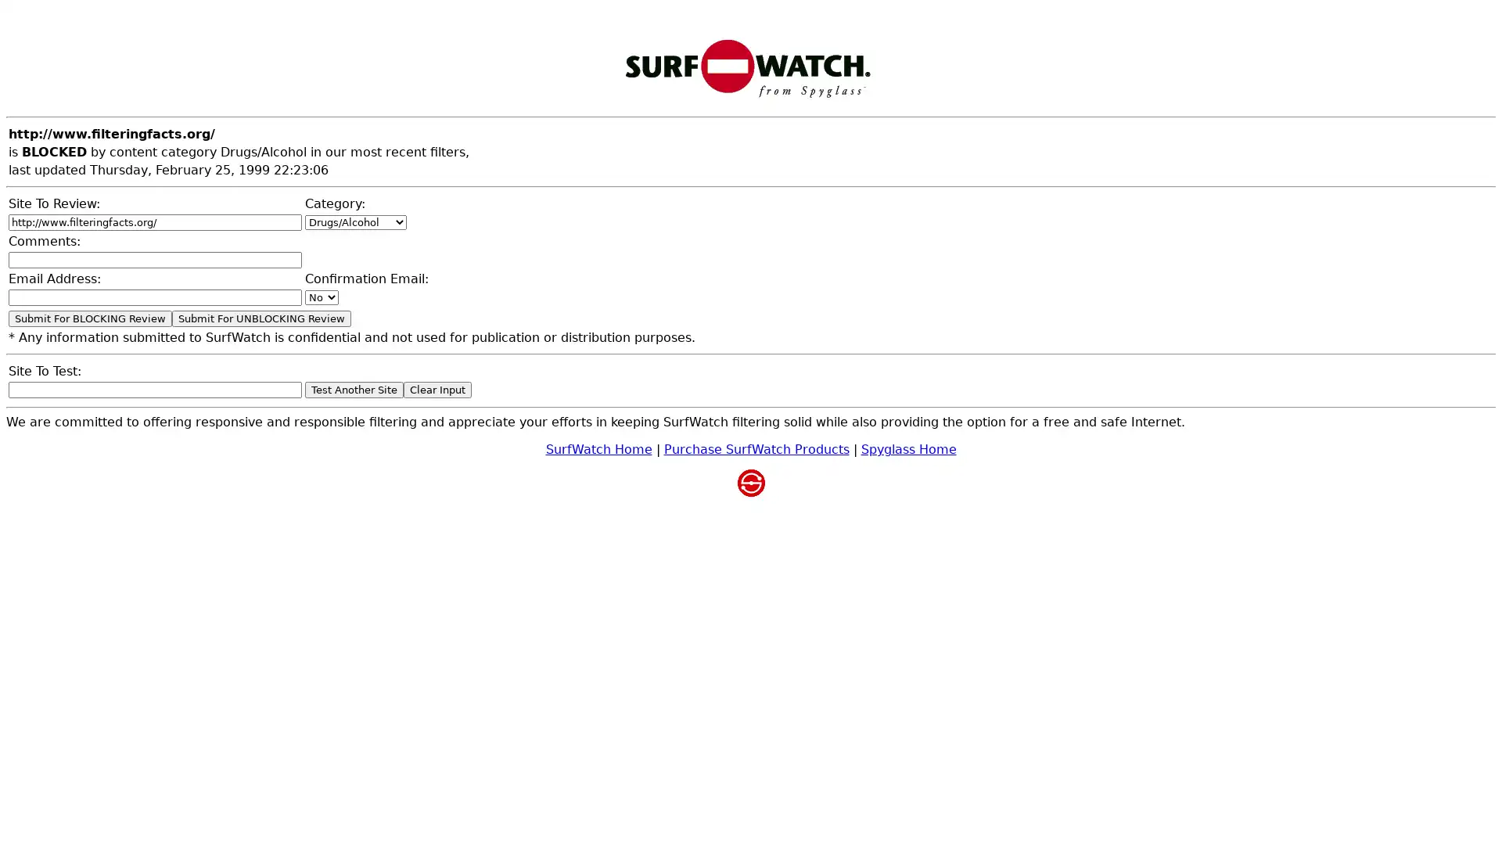 The height and width of the screenshot is (845, 1502). I want to click on Submit For UNBLOCKING Review, so click(261, 318).